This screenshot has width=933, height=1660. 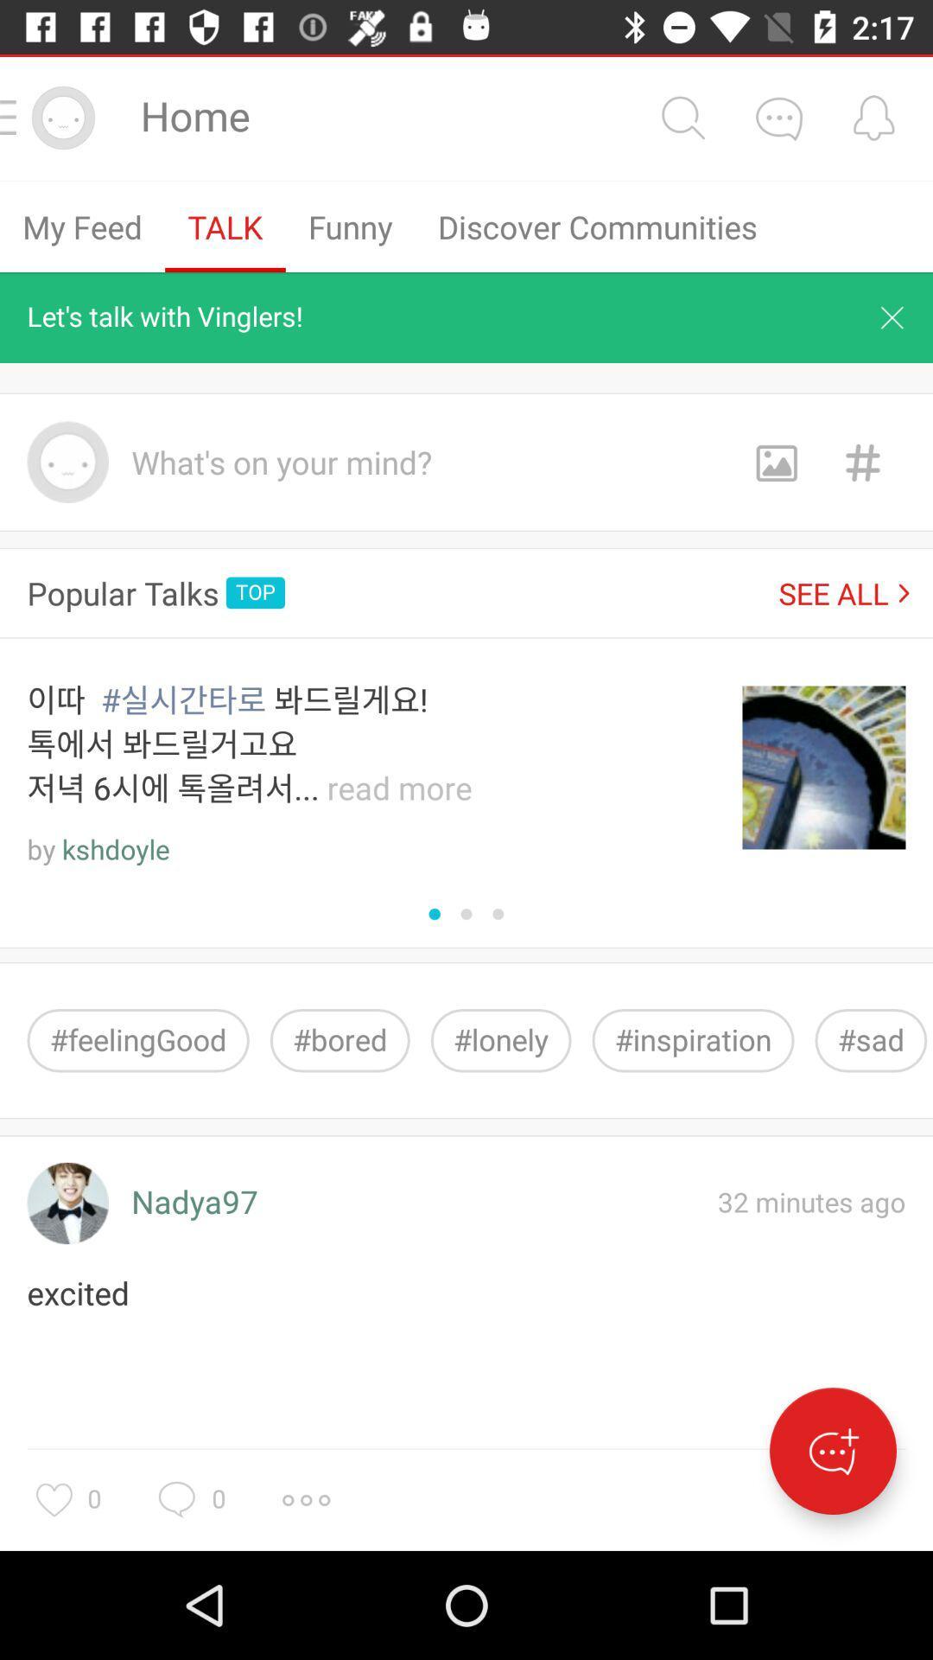 I want to click on item to the right of the by  icon, so click(x=116, y=850).